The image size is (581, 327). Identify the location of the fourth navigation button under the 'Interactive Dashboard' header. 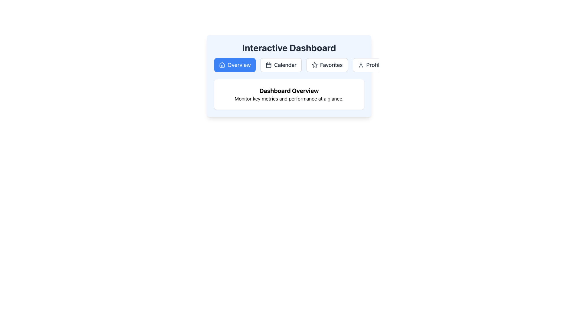
(369, 65).